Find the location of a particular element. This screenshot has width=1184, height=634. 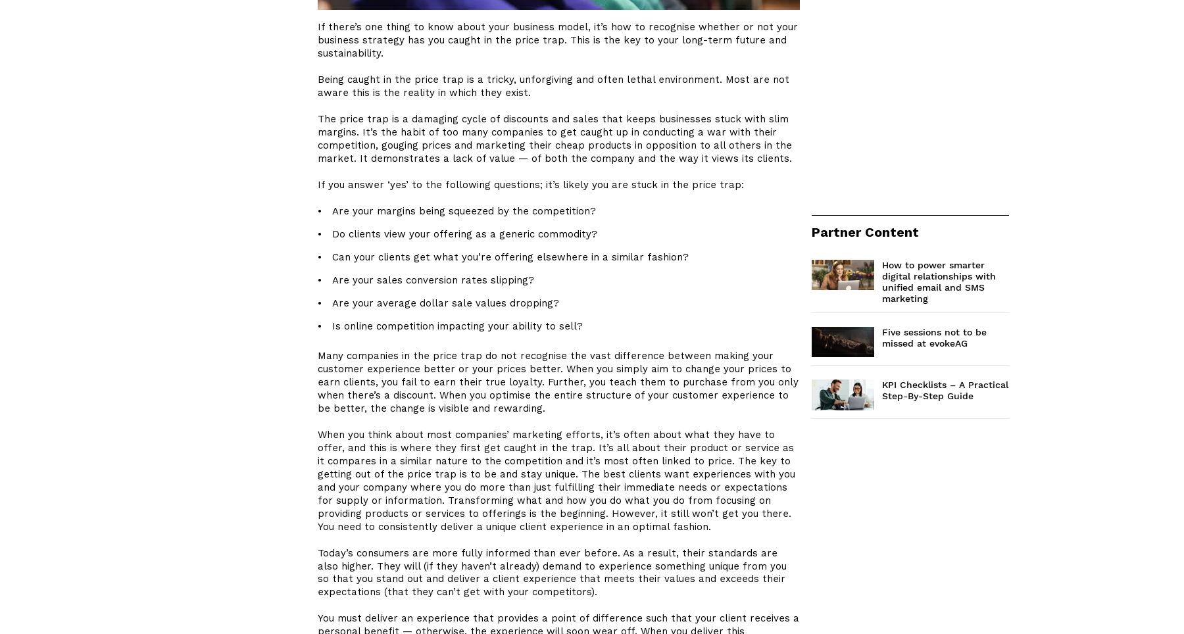

'When you think about most companies’ marketing efforts, it’s often about what they have to offer, and this is where they first get caught in the trap. It’s all about their product or service as it compares in a similar nature to the competition and it’s most often linked to price. The key to getting out of the price trap is to be and stay unique. The best clients want experiences with you and your company where you do more than just fulfilling their immediate needs or expectations for supply or information. Transforming what and how you do what you do from focusing on providing products or services to offerings is the beginning. However, it still won’t get you there. You need to consistently deliver a unique client experience in an optimal fashion.' is located at coordinates (556, 480).